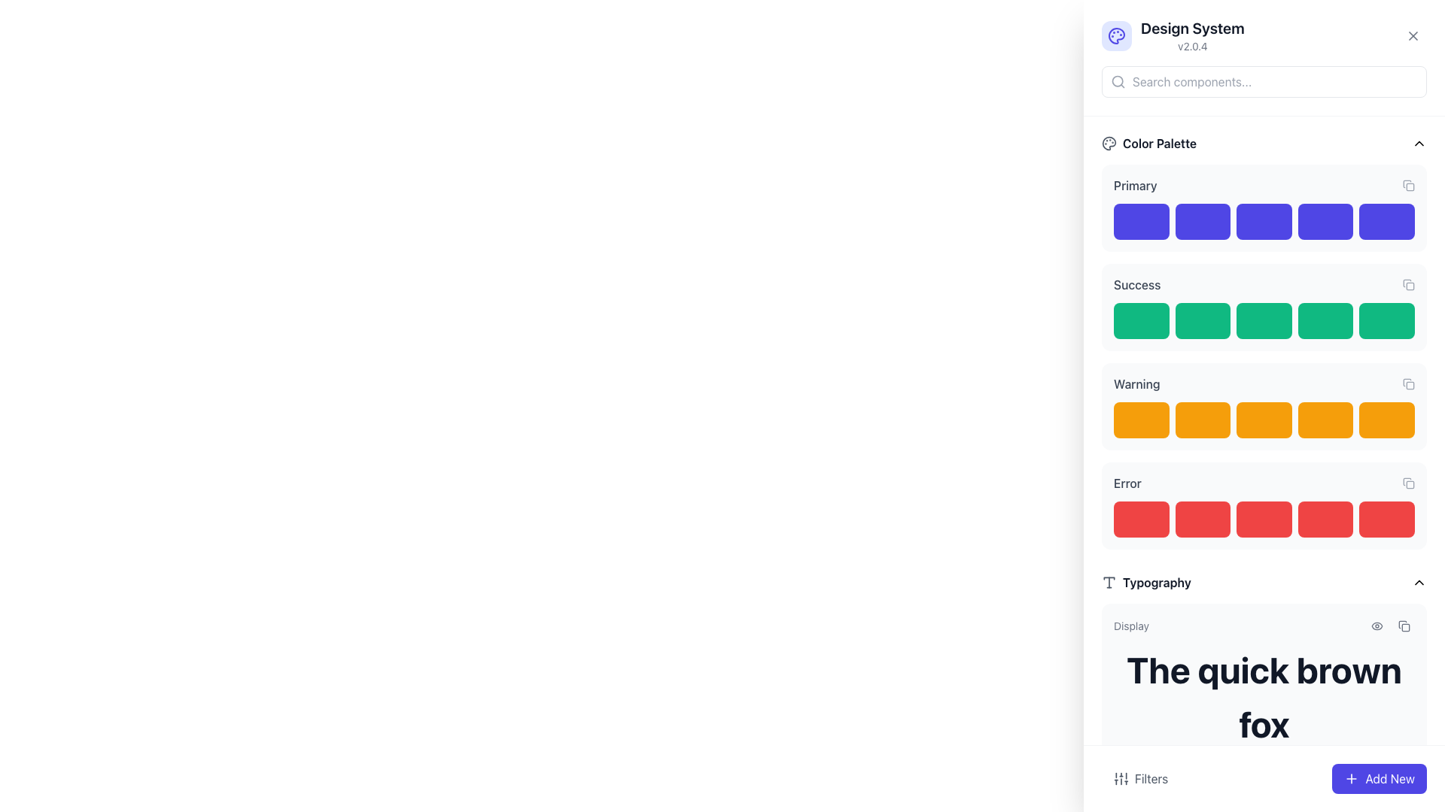 This screenshot has height=812, width=1445. I want to click on the third red rectangle in the color swatch row located in the 'Error' section of the color palette, so click(1264, 518).